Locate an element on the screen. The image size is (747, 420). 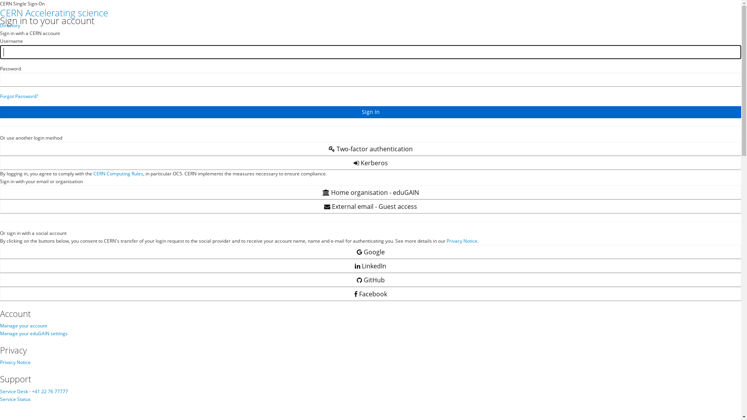
'Manage your eduGAIN settings' is located at coordinates (33, 333).